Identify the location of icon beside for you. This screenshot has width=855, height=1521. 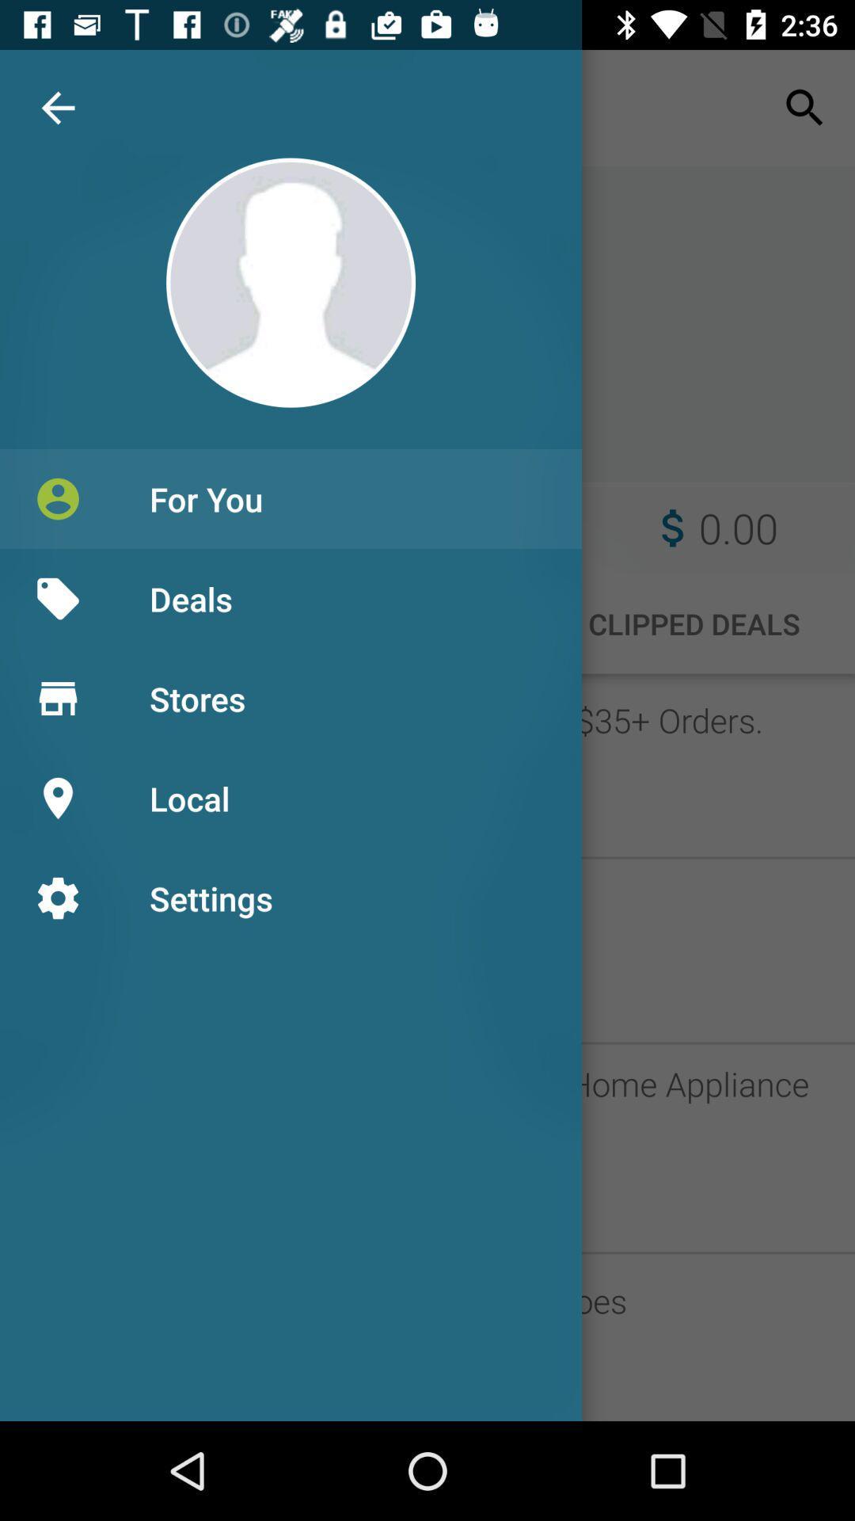
(57, 498).